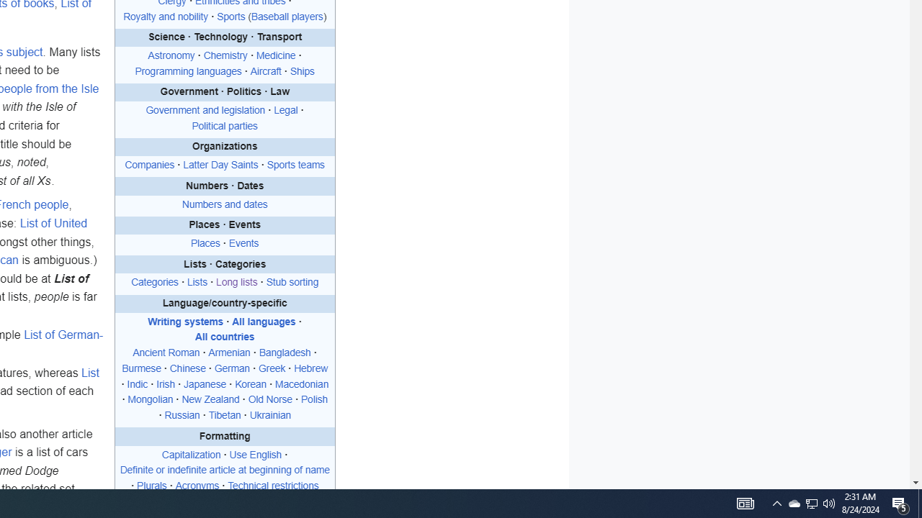  Describe the element at coordinates (224, 416) in the screenshot. I see `'Tibetan'` at that location.